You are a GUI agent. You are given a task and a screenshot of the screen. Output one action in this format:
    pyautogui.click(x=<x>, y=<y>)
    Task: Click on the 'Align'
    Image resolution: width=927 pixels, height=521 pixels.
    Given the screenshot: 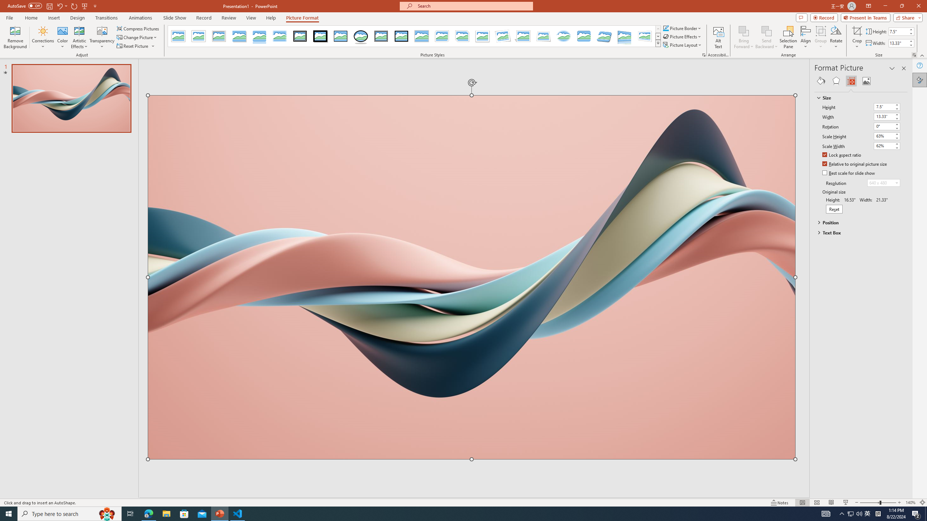 What is the action you would take?
    pyautogui.click(x=805, y=37)
    